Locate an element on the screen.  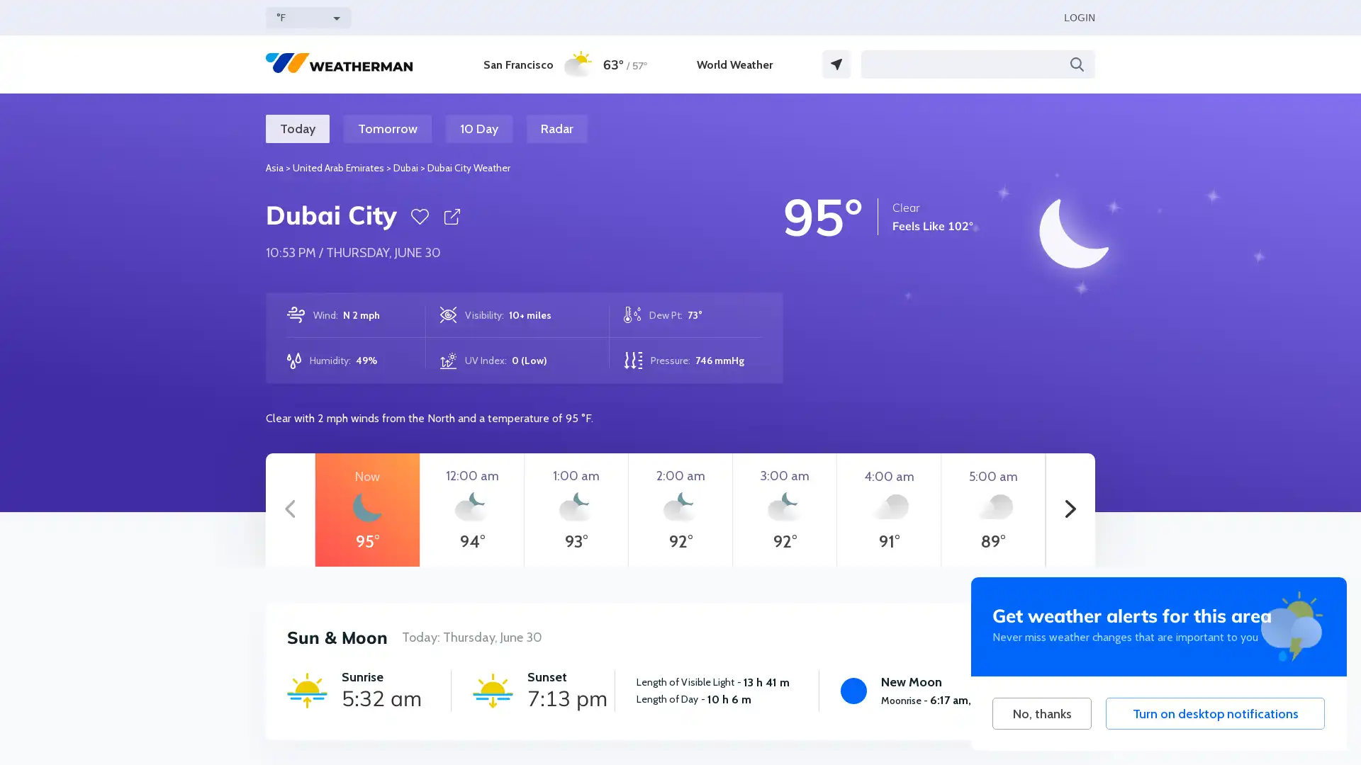
Share is located at coordinates (451, 216).